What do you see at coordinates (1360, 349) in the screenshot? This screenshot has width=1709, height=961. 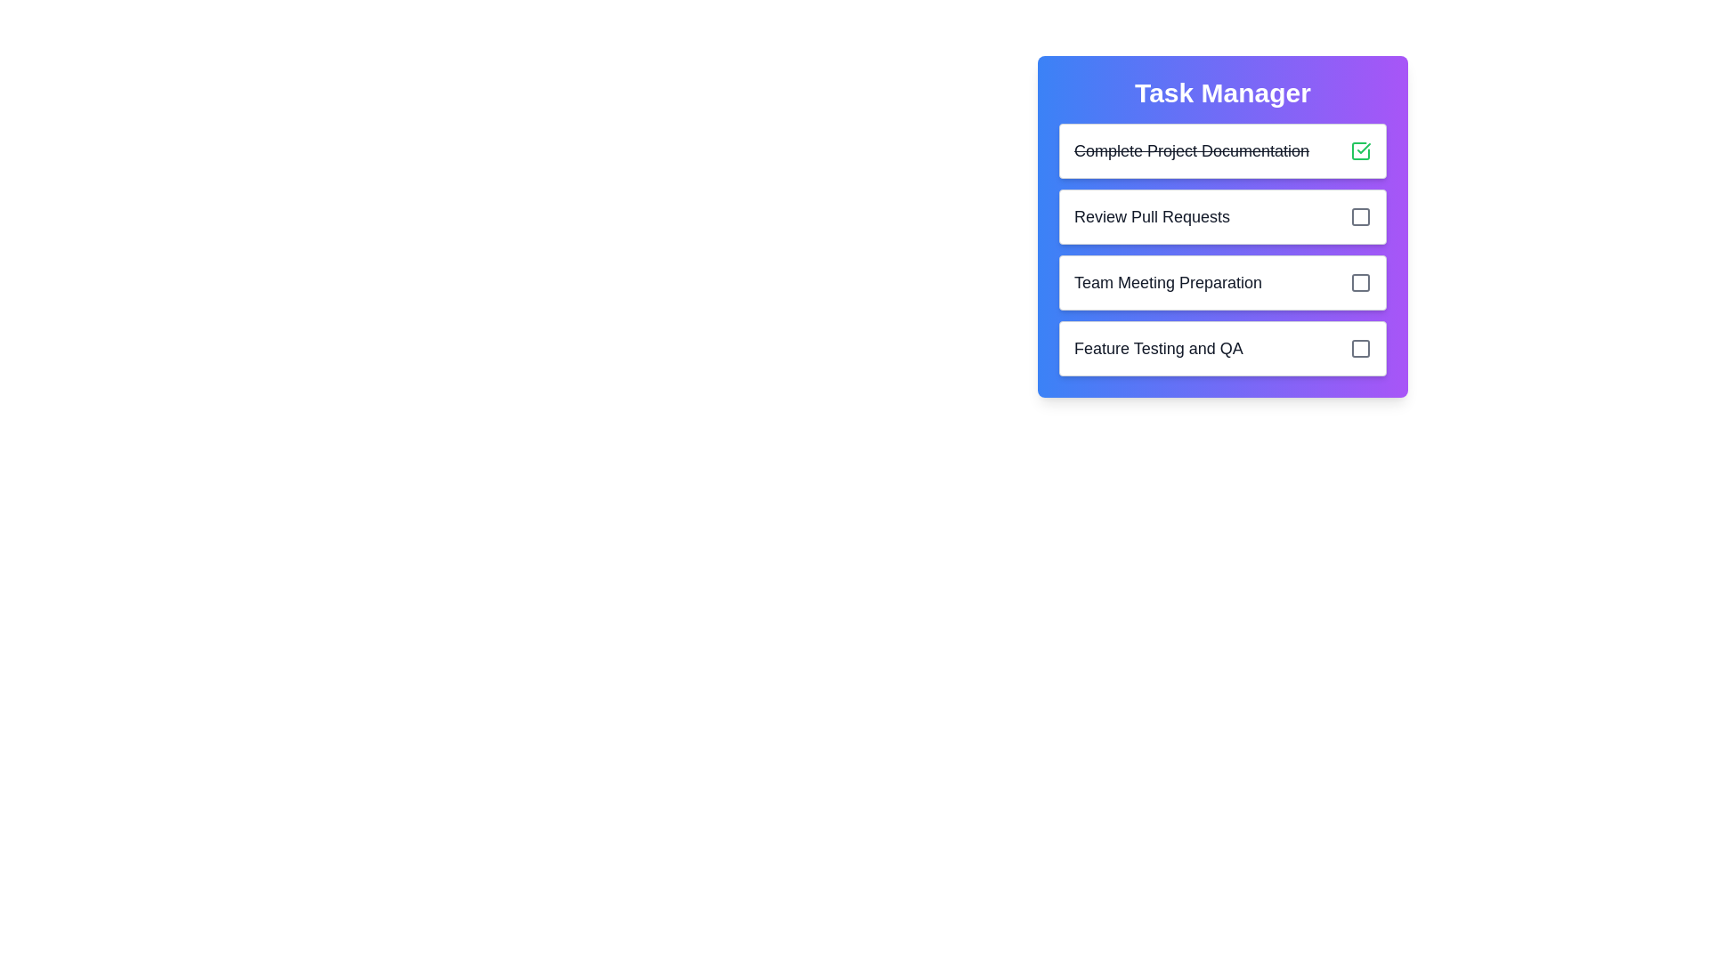 I see `the interactive checkbox for 'Feature Testing and QA' located in the fourth row of the list` at bounding box center [1360, 349].